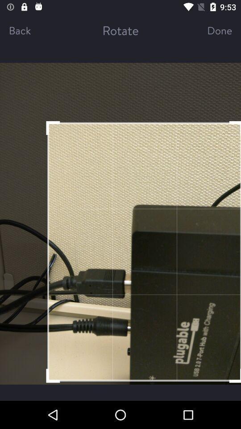 The width and height of the screenshot is (241, 429). I want to click on item to the right of the rotate item, so click(211, 30).